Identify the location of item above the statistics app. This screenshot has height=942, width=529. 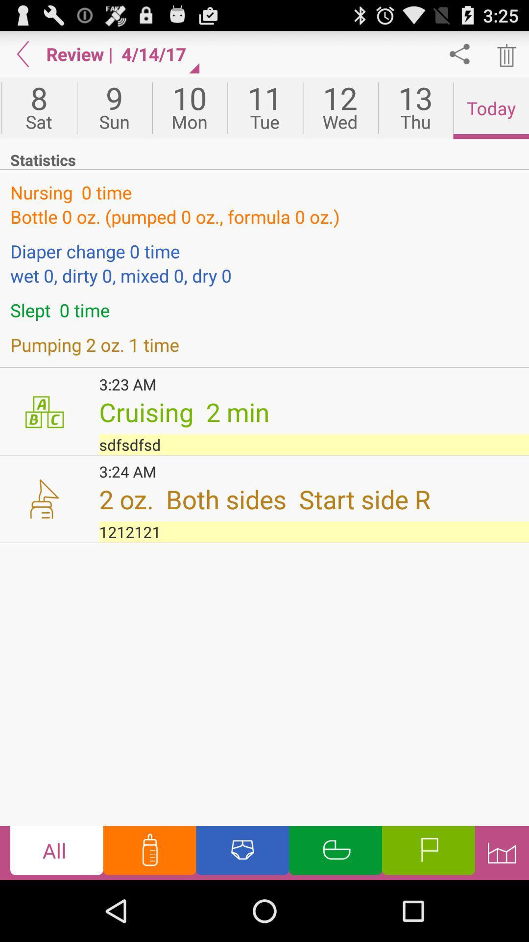
(265, 108).